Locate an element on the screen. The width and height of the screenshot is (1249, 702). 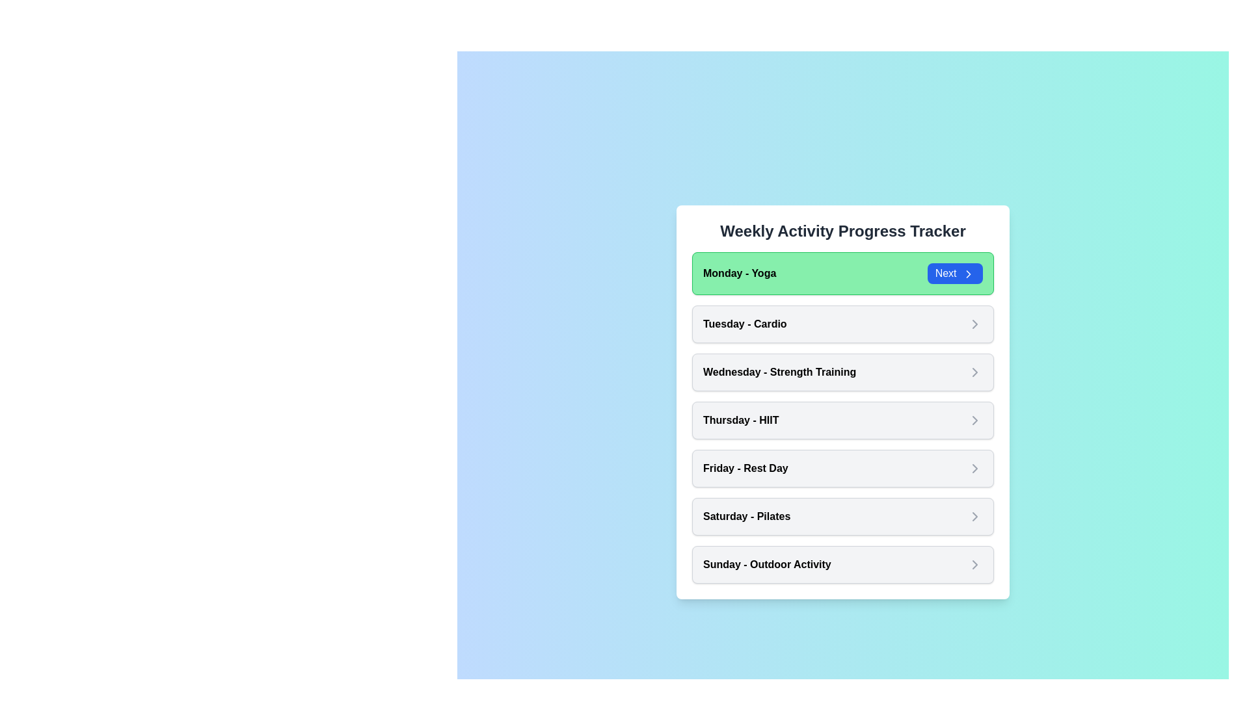
the right-pointing chevron arrow icon, which is part of the 'Next' button located in the topmost card of the list is located at coordinates (974, 515).